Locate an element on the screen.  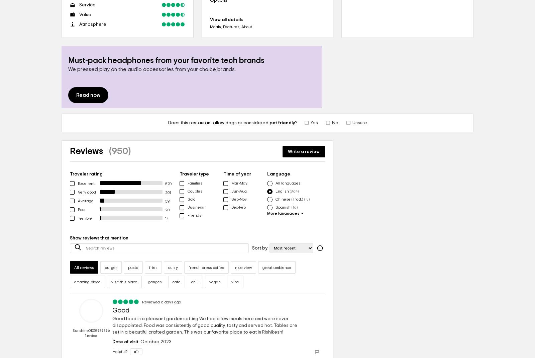
'More languages' is located at coordinates (283, 213).